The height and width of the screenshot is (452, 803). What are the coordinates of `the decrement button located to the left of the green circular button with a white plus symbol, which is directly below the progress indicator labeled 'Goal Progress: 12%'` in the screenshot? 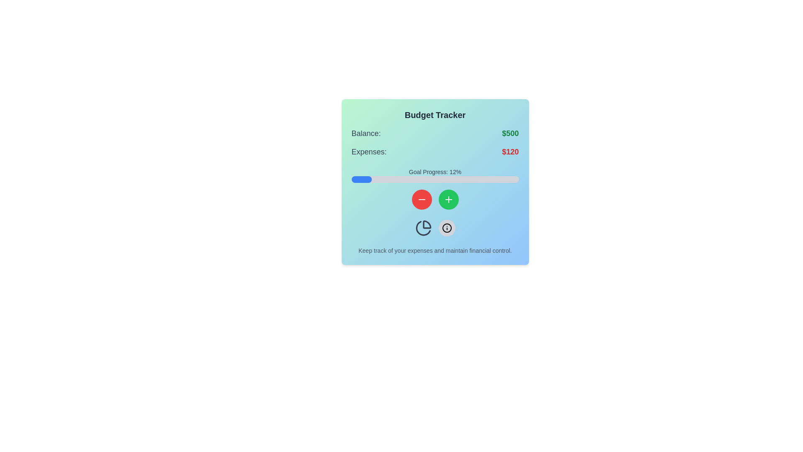 It's located at (422, 200).